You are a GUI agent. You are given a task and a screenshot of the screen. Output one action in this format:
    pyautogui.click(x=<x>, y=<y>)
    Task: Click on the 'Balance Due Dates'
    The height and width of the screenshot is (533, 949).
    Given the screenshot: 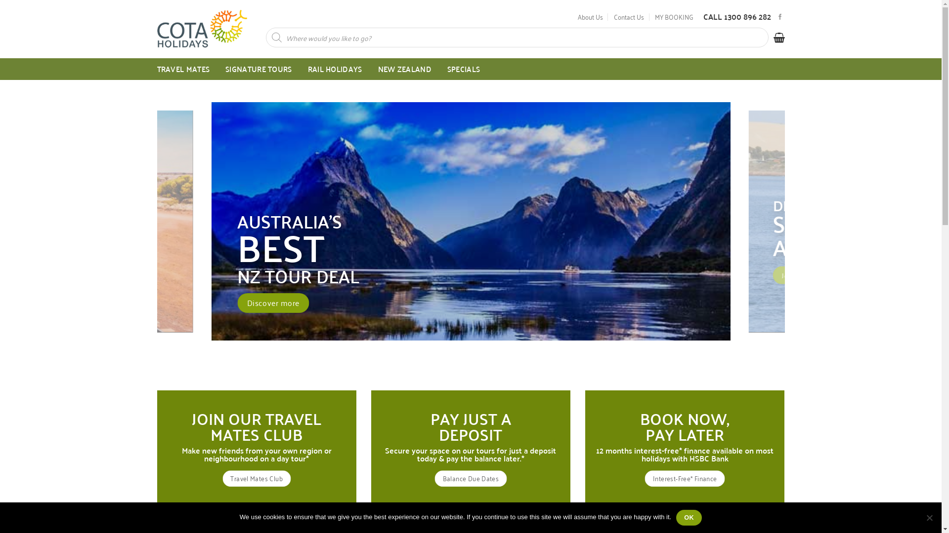 What is the action you would take?
    pyautogui.click(x=470, y=478)
    